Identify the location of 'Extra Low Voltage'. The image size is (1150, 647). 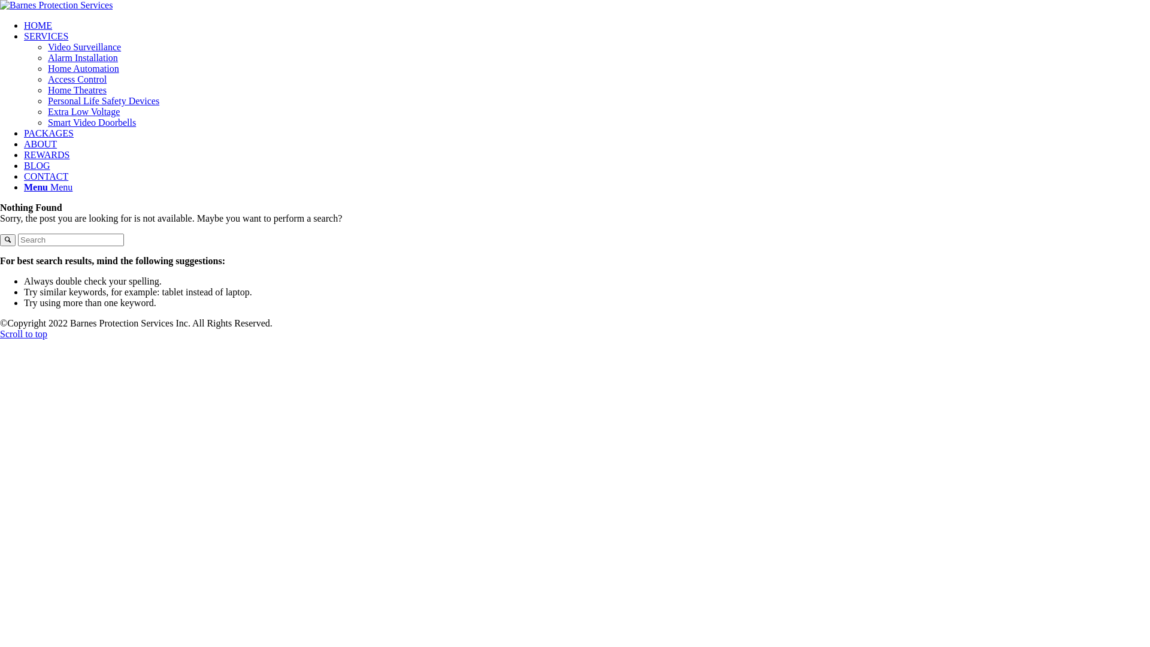
(83, 111).